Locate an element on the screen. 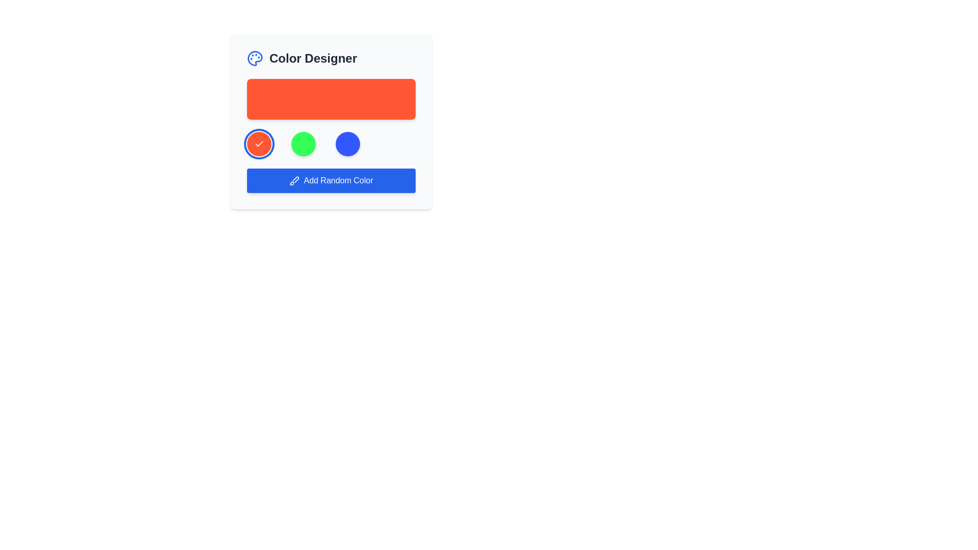 The width and height of the screenshot is (978, 550). the Header element for the card component, which includes an icon is located at coordinates (331, 59).